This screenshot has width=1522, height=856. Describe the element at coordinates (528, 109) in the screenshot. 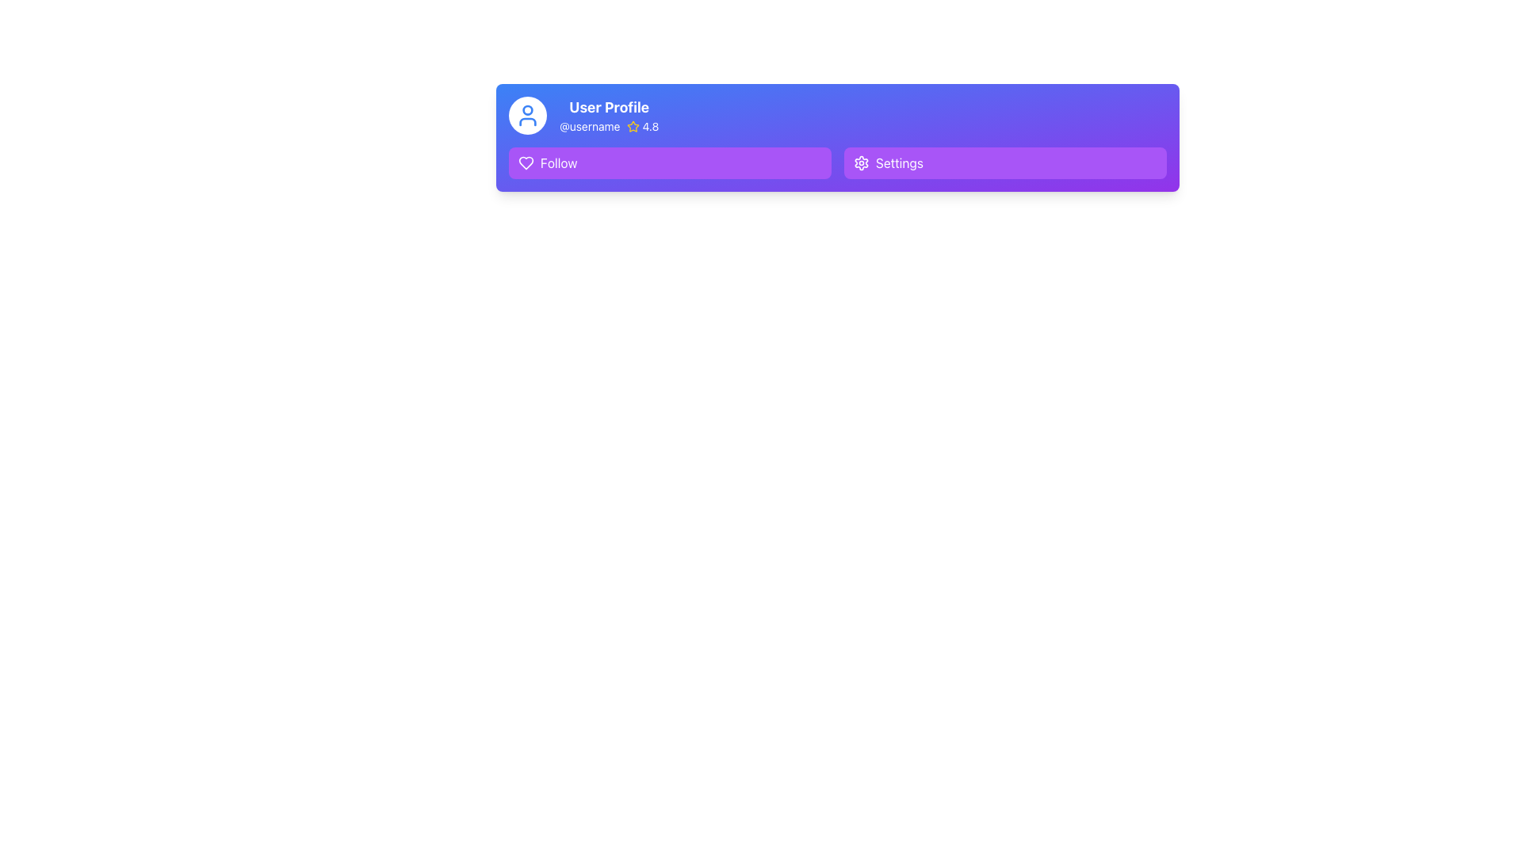

I see `the SVG circle element that is part of the decorative design of the user profile icon, located at the center of the upper half of the circular profile icon` at that location.